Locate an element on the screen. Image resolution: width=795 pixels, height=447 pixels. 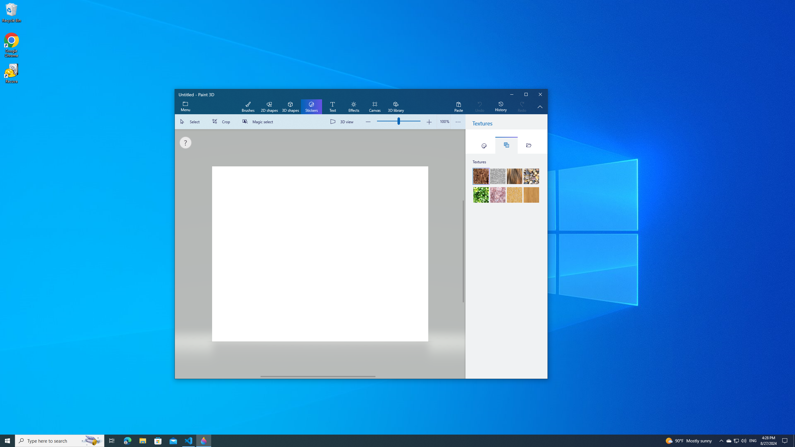
'Magic select' is located at coordinates (259, 121).